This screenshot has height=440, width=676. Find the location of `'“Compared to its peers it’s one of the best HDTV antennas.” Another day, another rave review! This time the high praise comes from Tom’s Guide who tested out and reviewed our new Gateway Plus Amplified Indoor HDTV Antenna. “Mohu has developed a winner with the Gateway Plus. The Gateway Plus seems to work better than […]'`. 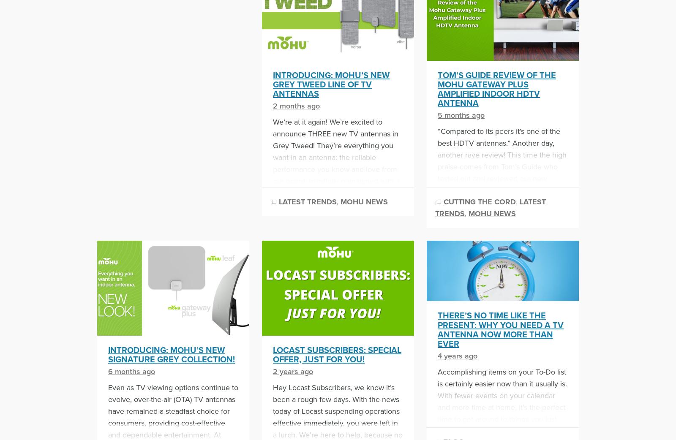

'“Compared to its peers it’s one of the best HDTV antennas.” Another day, another rave review! This time the high praise comes from Tom’s Guide who tested out and reviewed our new Gateway Plus Amplified Indoor HDTV Antenna. “Mohu has developed a winner with the Gateway Plus. The Gateway Plus seems to work better than […]' is located at coordinates (438, 184).